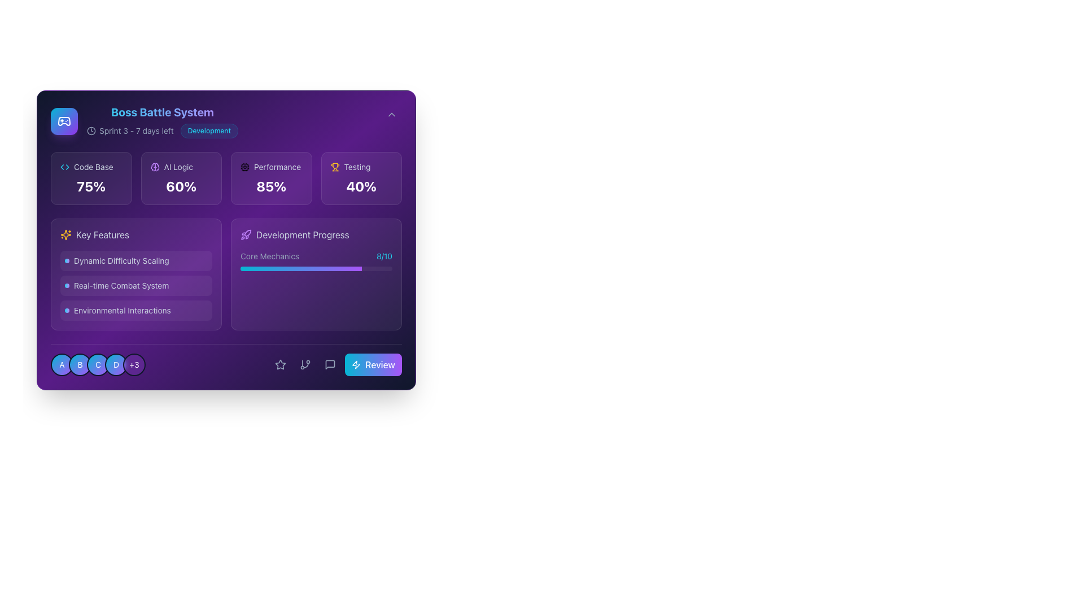 Image resolution: width=1084 pixels, height=610 pixels. What do you see at coordinates (91, 167) in the screenshot?
I see `the Label with icon that serves as a title for the 'Code Base' section, which is located at the top-left corner of its section, distinct from surrounding elements` at bounding box center [91, 167].